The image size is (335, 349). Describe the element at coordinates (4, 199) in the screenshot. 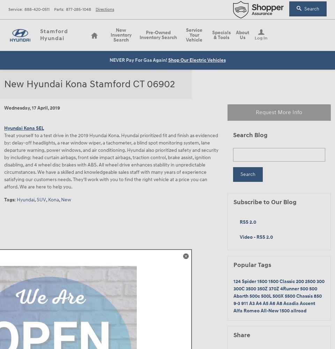

I see `'Tags'` at that location.